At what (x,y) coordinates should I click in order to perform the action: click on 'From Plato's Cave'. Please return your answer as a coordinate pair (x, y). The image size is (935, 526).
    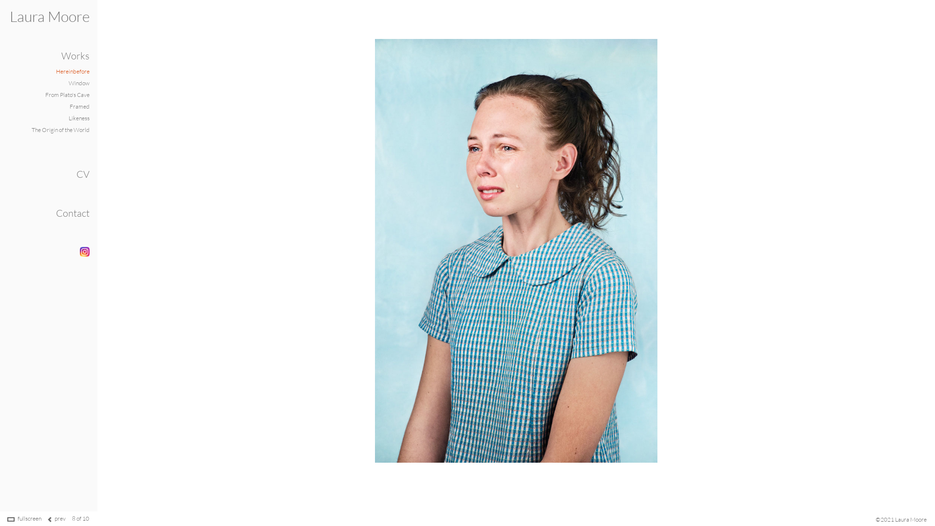
    Looking at the image, I should click on (44, 94).